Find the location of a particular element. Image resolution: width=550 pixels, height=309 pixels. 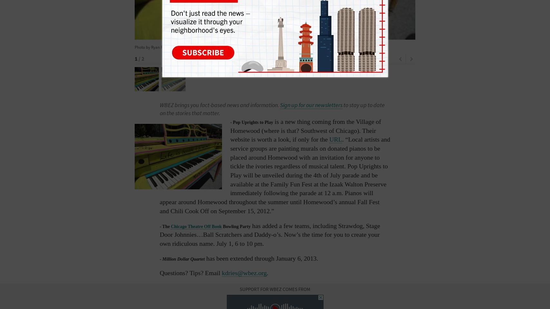

'Photo by Ryan Fitzpatrick' is located at coordinates (134, 47).